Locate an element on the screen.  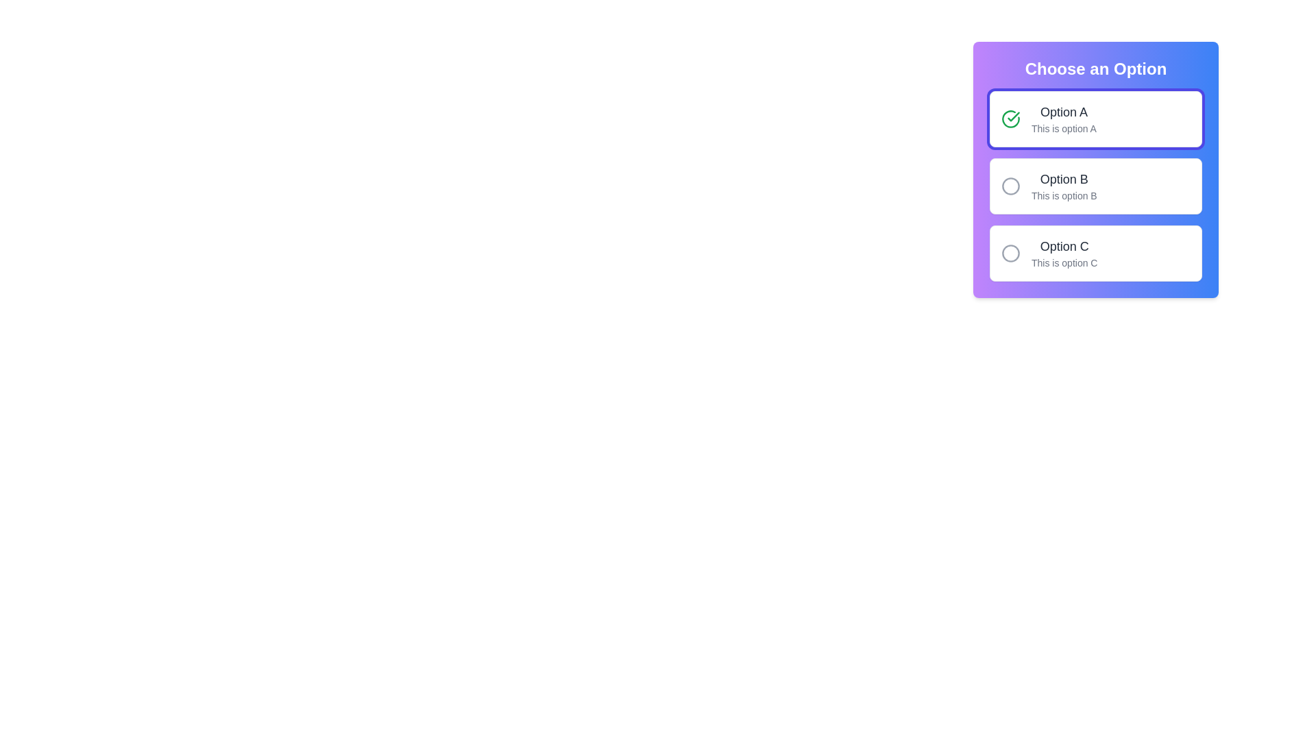
the text label 'Option B' which is prominently displayed in dark-gray color, located below 'Option A' and above 'This is option B' is located at coordinates (1063, 179).